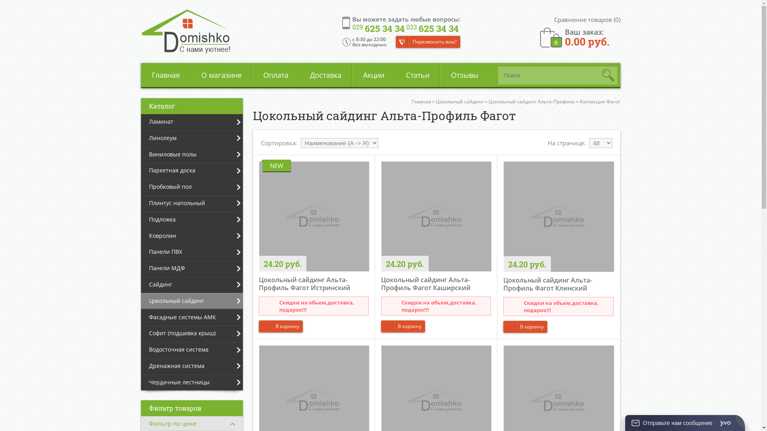 The image size is (767, 431). Describe the element at coordinates (378, 28) in the screenshot. I see `'029 625 34 34'` at that location.